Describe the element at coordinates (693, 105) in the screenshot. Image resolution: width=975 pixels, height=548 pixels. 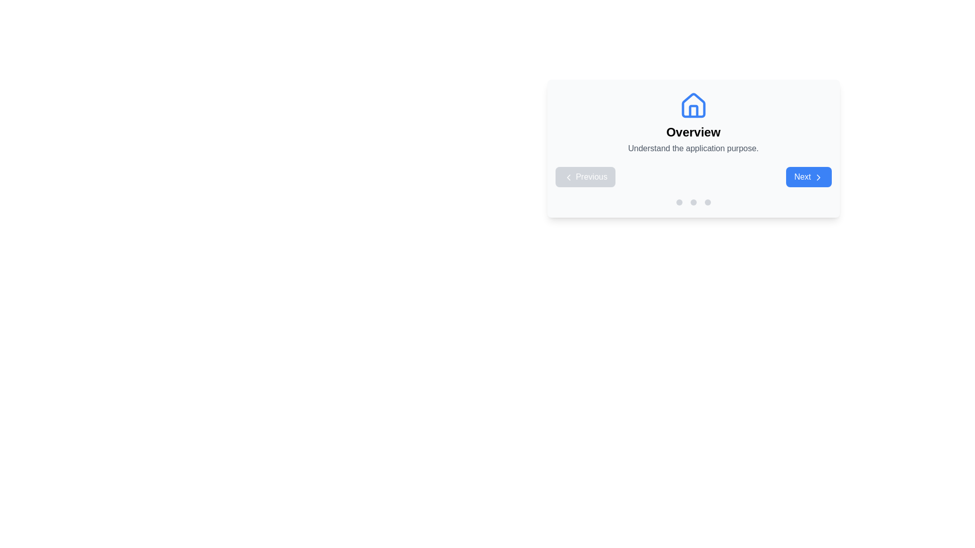
I see `the house-shaped icon with a blue outline, located above the 'Overview' text in the card layout` at that location.